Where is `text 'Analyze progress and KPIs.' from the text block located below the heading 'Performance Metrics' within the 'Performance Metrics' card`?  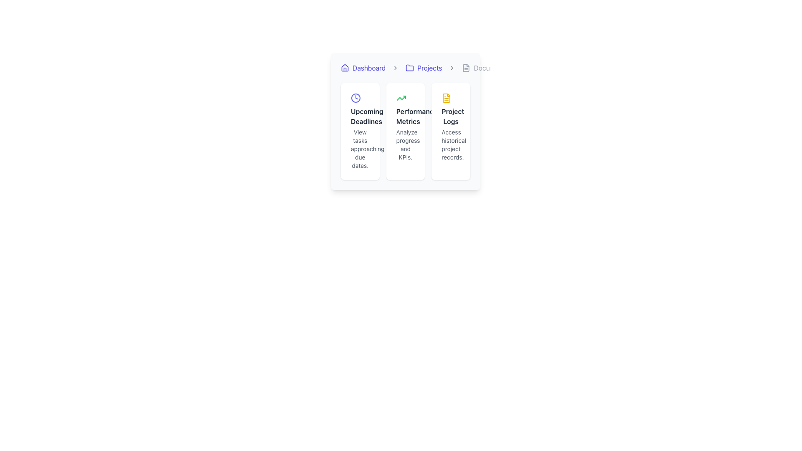 text 'Analyze progress and KPIs.' from the text block located below the heading 'Performance Metrics' within the 'Performance Metrics' card is located at coordinates (405, 144).